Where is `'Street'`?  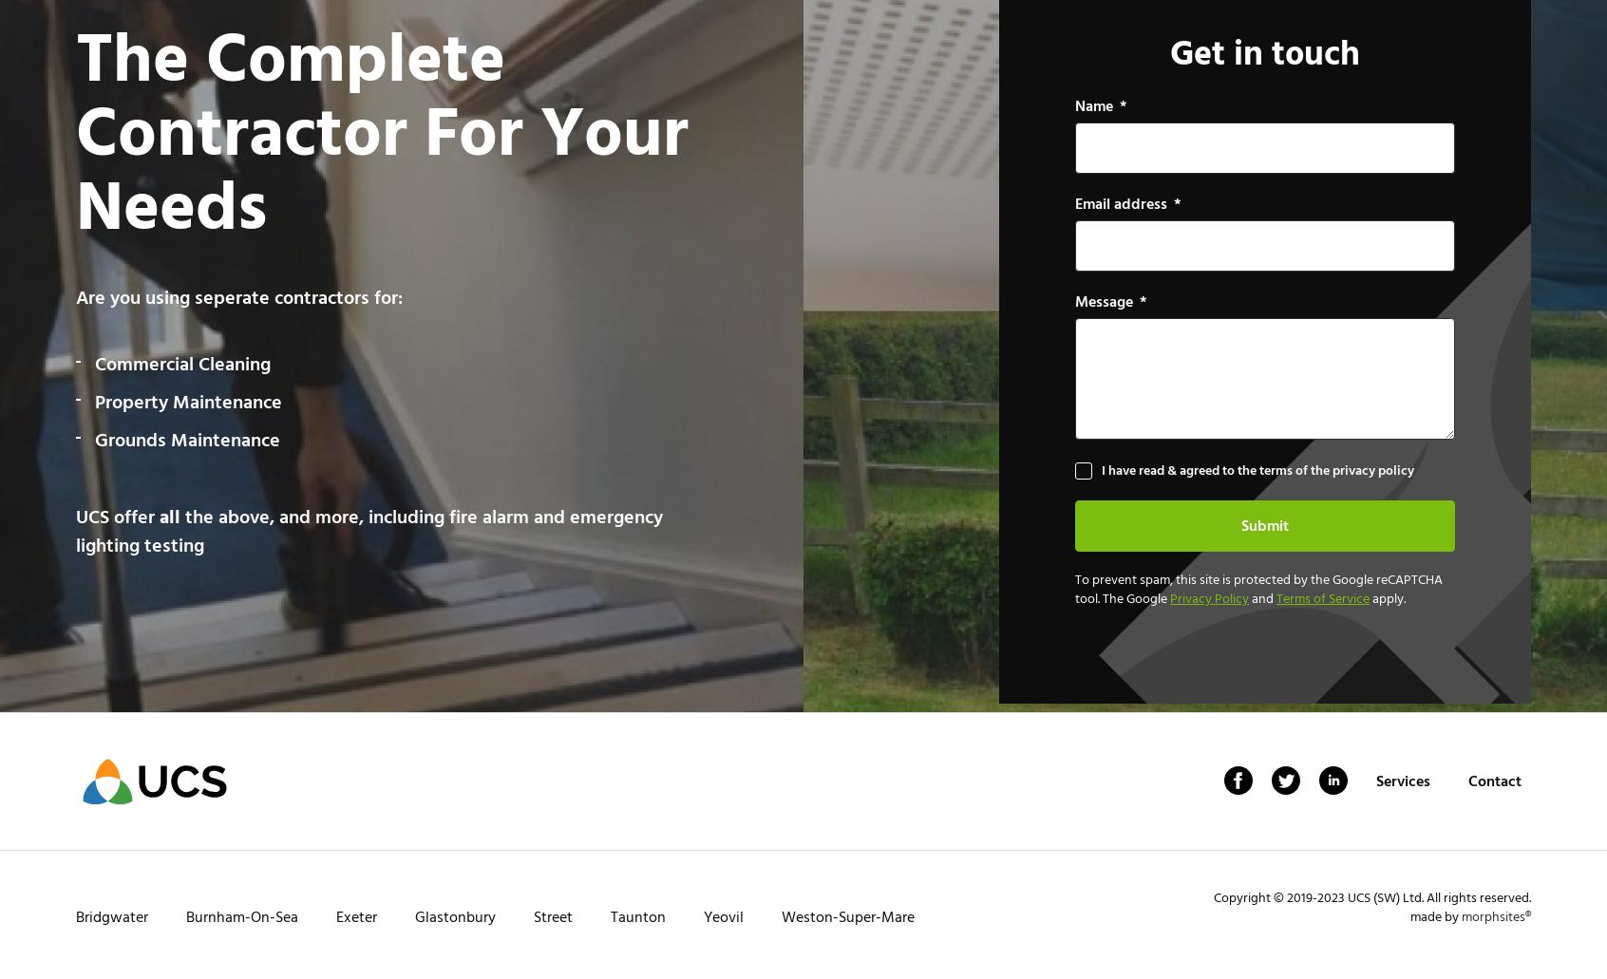 'Street' is located at coordinates (552, 916).